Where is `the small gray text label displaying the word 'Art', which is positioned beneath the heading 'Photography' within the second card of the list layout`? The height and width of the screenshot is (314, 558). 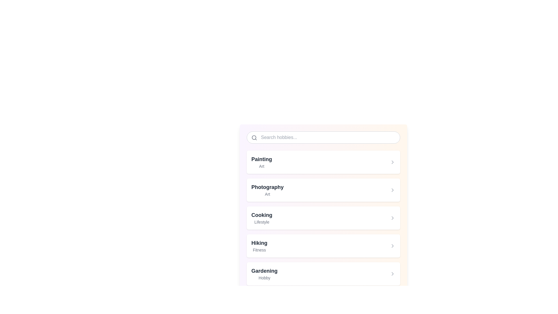 the small gray text label displaying the word 'Art', which is positioned beneath the heading 'Photography' within the second card of the list layout is located at coordinates (267, 194).